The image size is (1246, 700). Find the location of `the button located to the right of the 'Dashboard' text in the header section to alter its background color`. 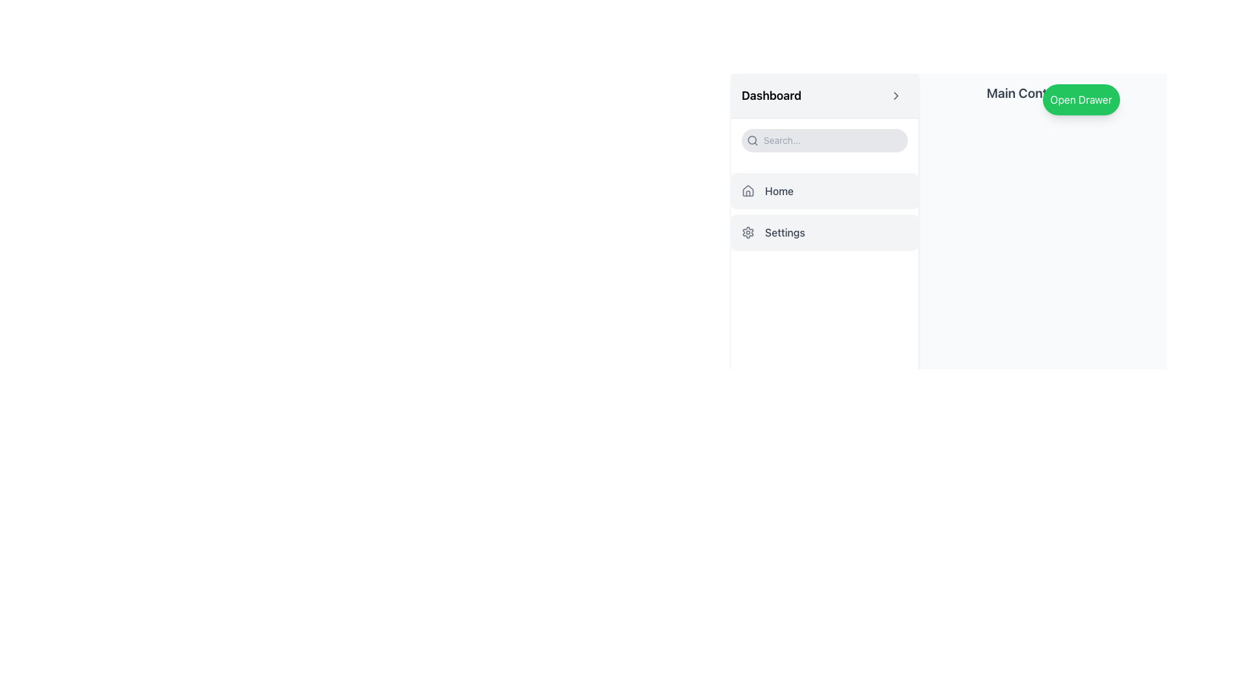

the button located to the right of the 'Dashboard' text in the header section to alter its background color is located at coordinates (896, 95).